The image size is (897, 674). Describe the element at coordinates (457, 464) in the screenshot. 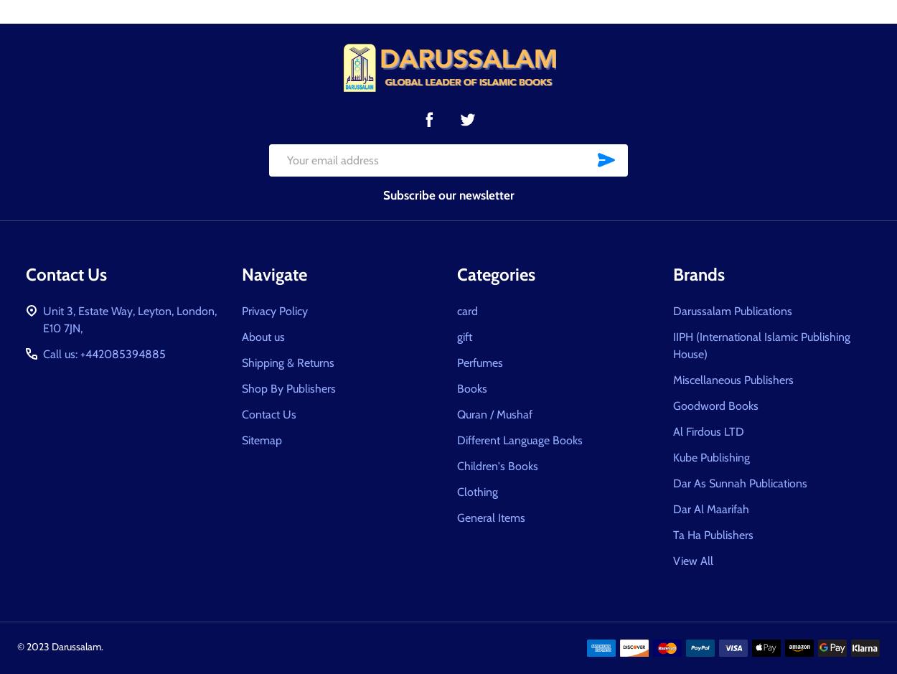

I see `'Children's Books'` at that location.